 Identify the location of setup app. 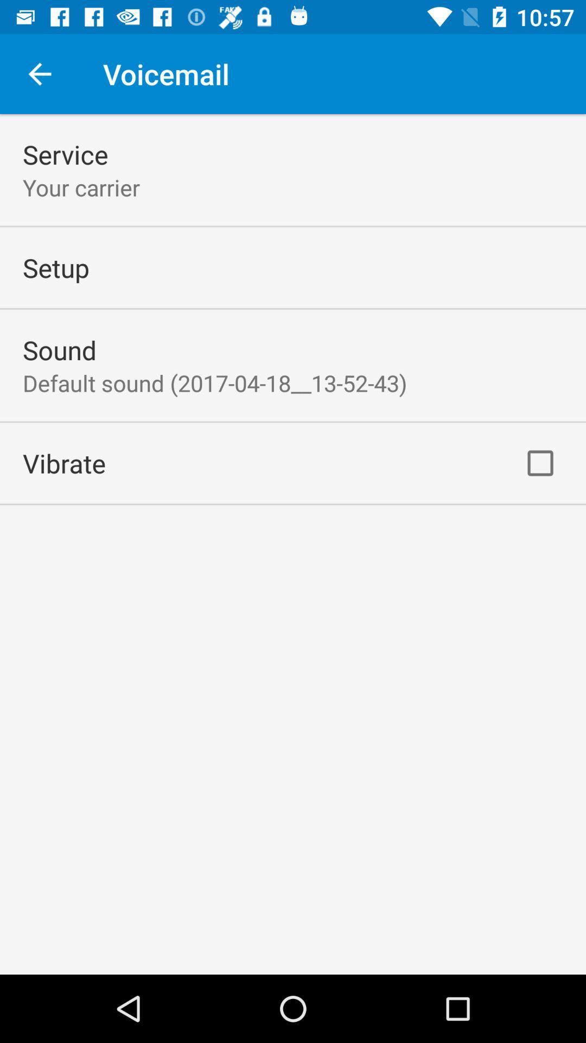
(56, 267).